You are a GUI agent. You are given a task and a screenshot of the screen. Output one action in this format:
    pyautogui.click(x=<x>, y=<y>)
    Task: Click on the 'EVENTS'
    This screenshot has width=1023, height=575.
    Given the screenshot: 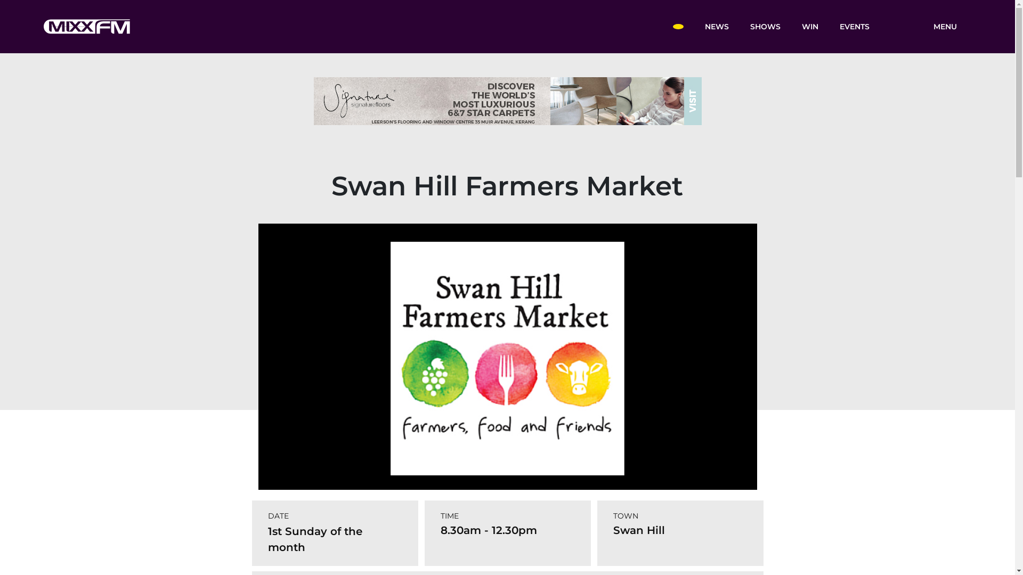 What is the action you would take?
    pyautogui.click(x=854, y=26)
    